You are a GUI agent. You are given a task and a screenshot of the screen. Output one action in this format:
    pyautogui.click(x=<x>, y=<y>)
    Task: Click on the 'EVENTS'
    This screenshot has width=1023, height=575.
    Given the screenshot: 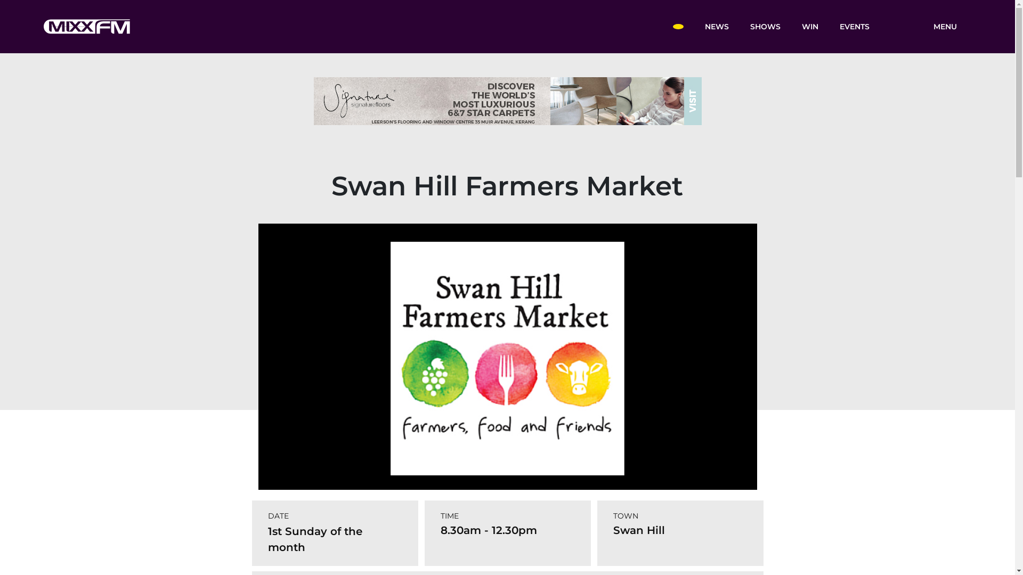 What is the action you would take?
    pyautogui.click(x=854, y=26)
    